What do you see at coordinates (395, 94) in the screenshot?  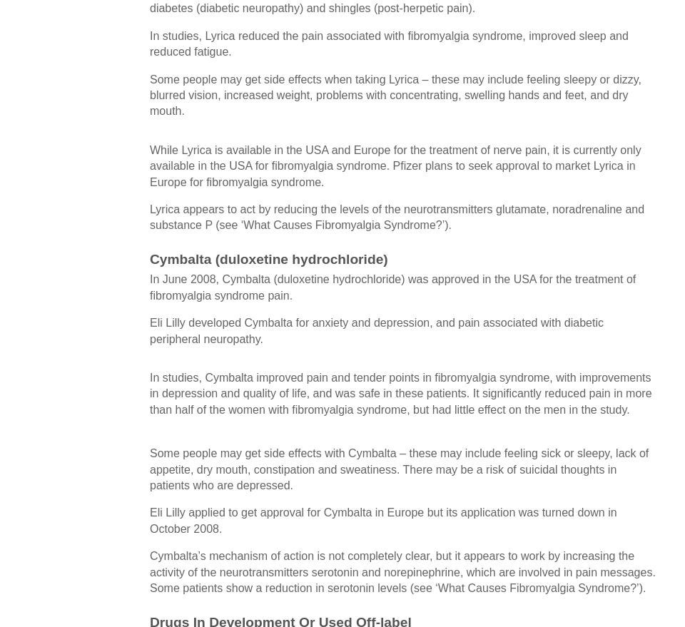 I see `'Some people may get side effects when taking Lyrica – these may include feeling sleepy or dizzy, blurred vision, increased weight, problems with concentrating, swelling hands and feet, and dry mouth.'` at bounding box center [395, 94].